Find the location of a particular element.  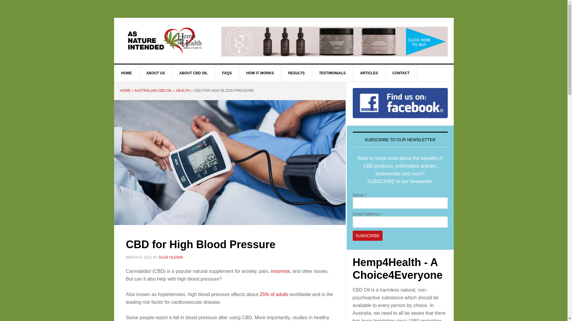

'insomnia' is located at coordinates (270, 271).